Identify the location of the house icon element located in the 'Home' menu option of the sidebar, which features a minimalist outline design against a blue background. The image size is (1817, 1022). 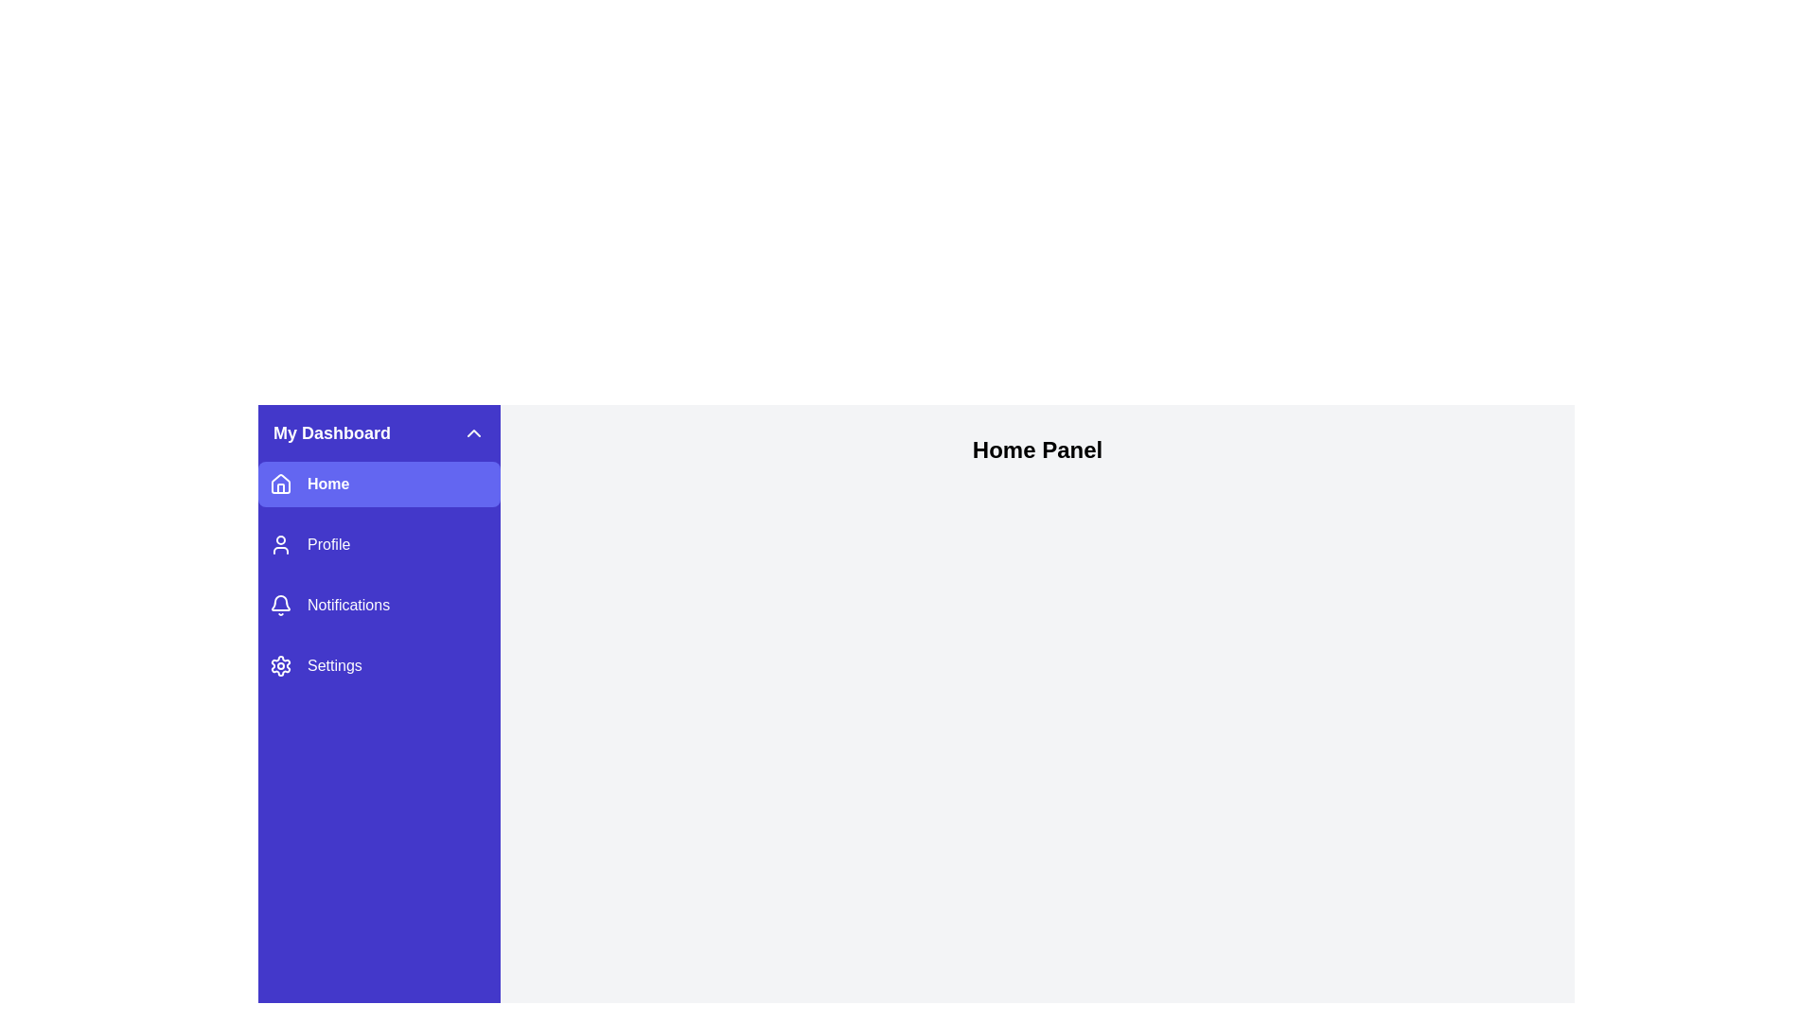
(280, 484).